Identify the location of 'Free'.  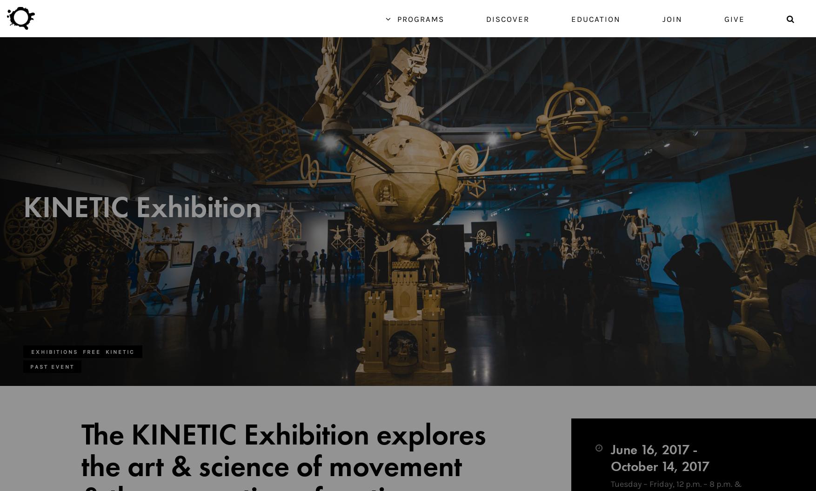
(92, 352).